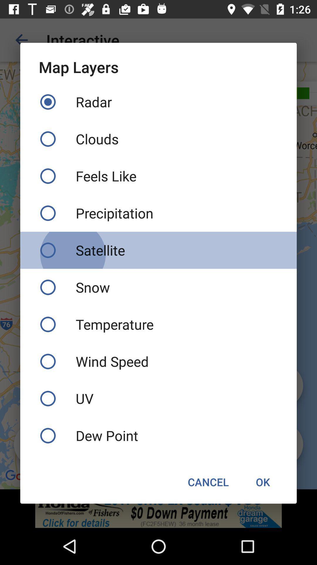  What do you see at coordinates (208, 482) in the screenshot?
I see `cancel` at bounding box center [208, 482].